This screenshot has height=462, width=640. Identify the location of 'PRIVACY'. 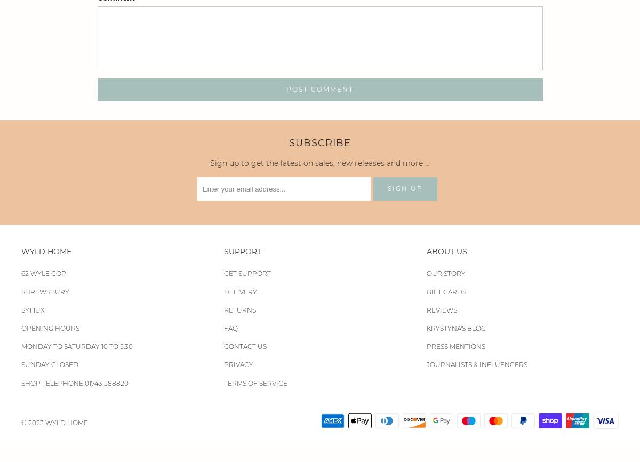
(238, 364).